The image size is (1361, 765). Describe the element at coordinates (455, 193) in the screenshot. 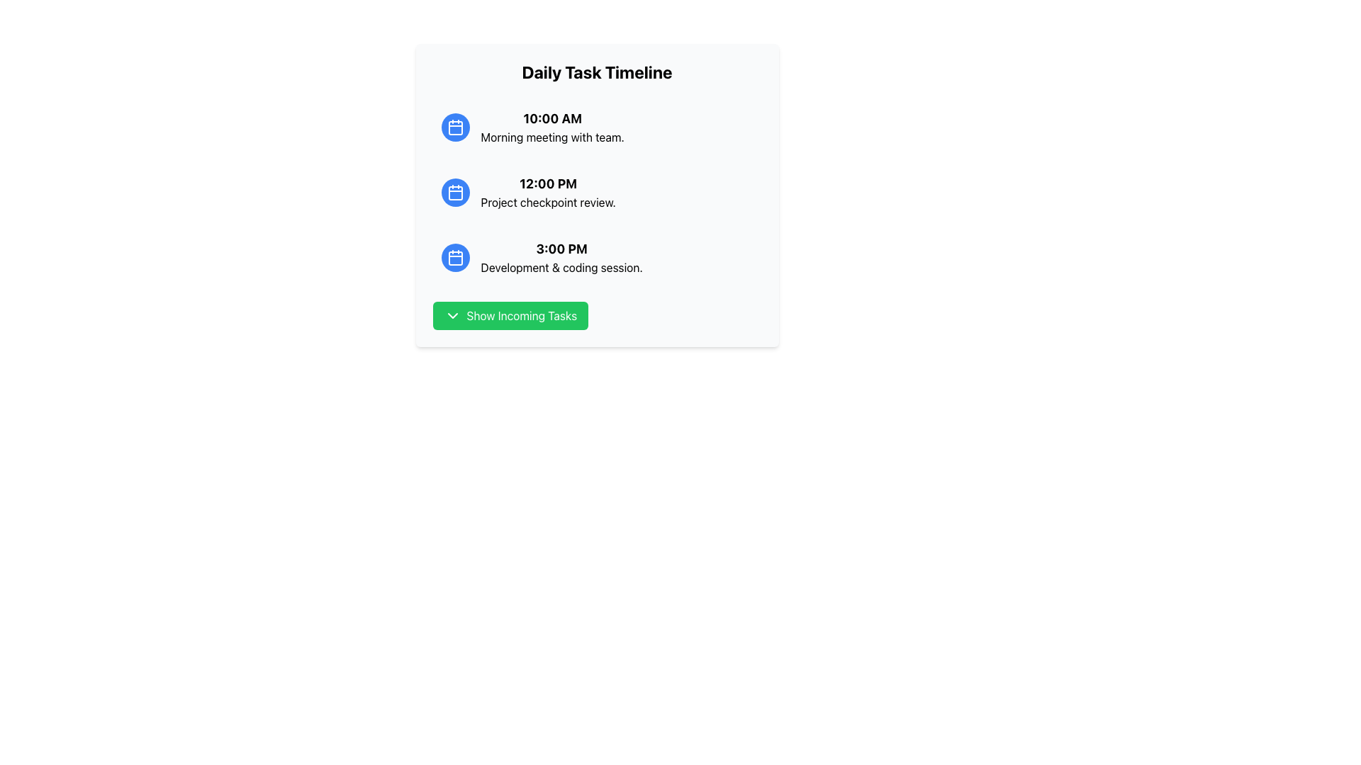

I see `the calendar icon with a blue circle background and white calendar strokes, which is the second icon in a vertical sequence of three, located to the left of the text '12:00 PM Project checkpoint review'` at that location.